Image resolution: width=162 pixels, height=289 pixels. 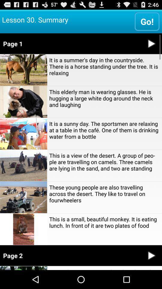 I want to click on the item below go! item, so click(x=70, y=43).